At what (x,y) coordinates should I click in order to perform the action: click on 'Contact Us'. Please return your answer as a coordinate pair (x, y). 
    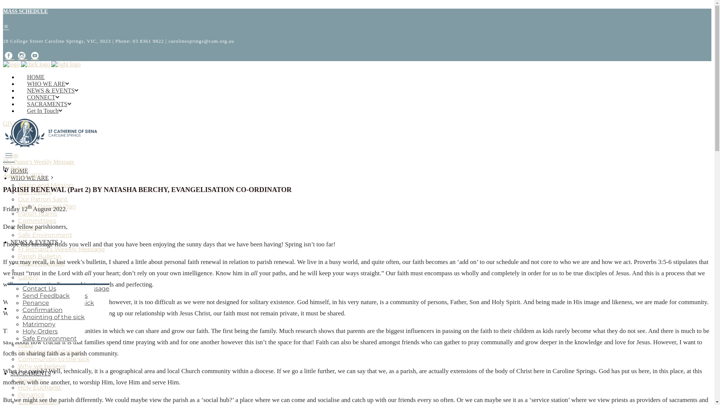
    Looking at the image, I should click on (22, 288).